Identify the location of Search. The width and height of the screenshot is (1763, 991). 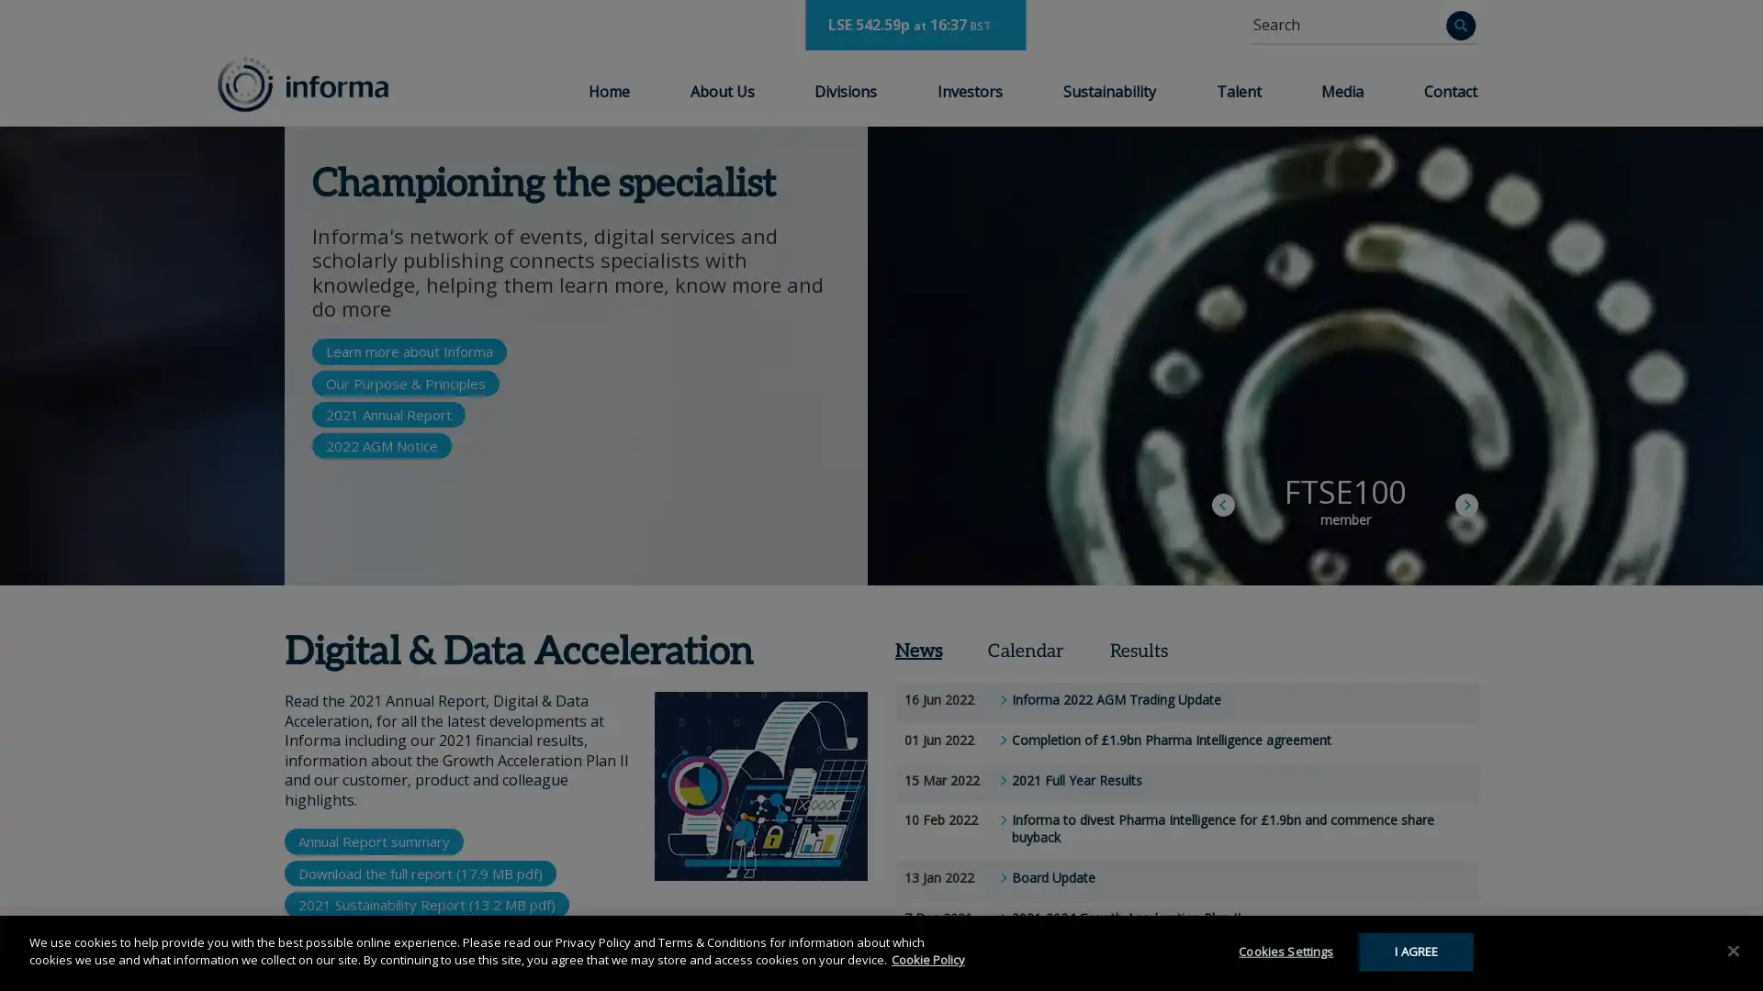
(1460, 26).